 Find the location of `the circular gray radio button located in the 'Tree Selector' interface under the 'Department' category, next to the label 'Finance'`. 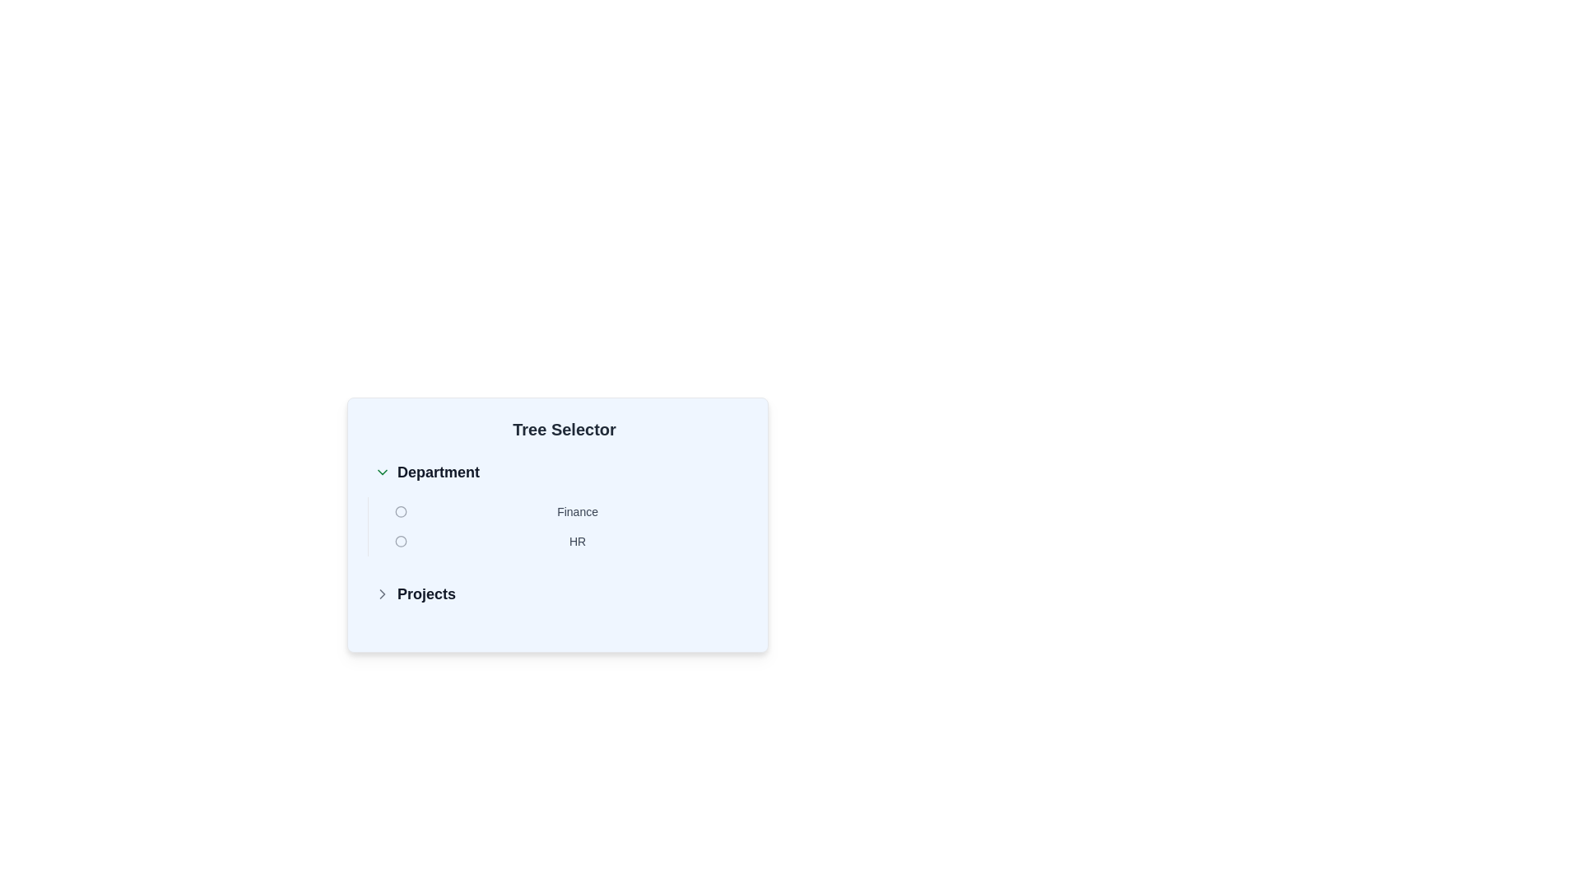

the circular gray radio button located in the 'Tree Selector' interface under the 'Department' category, next to the label 'Finance' is located at coordinates (401, 542).